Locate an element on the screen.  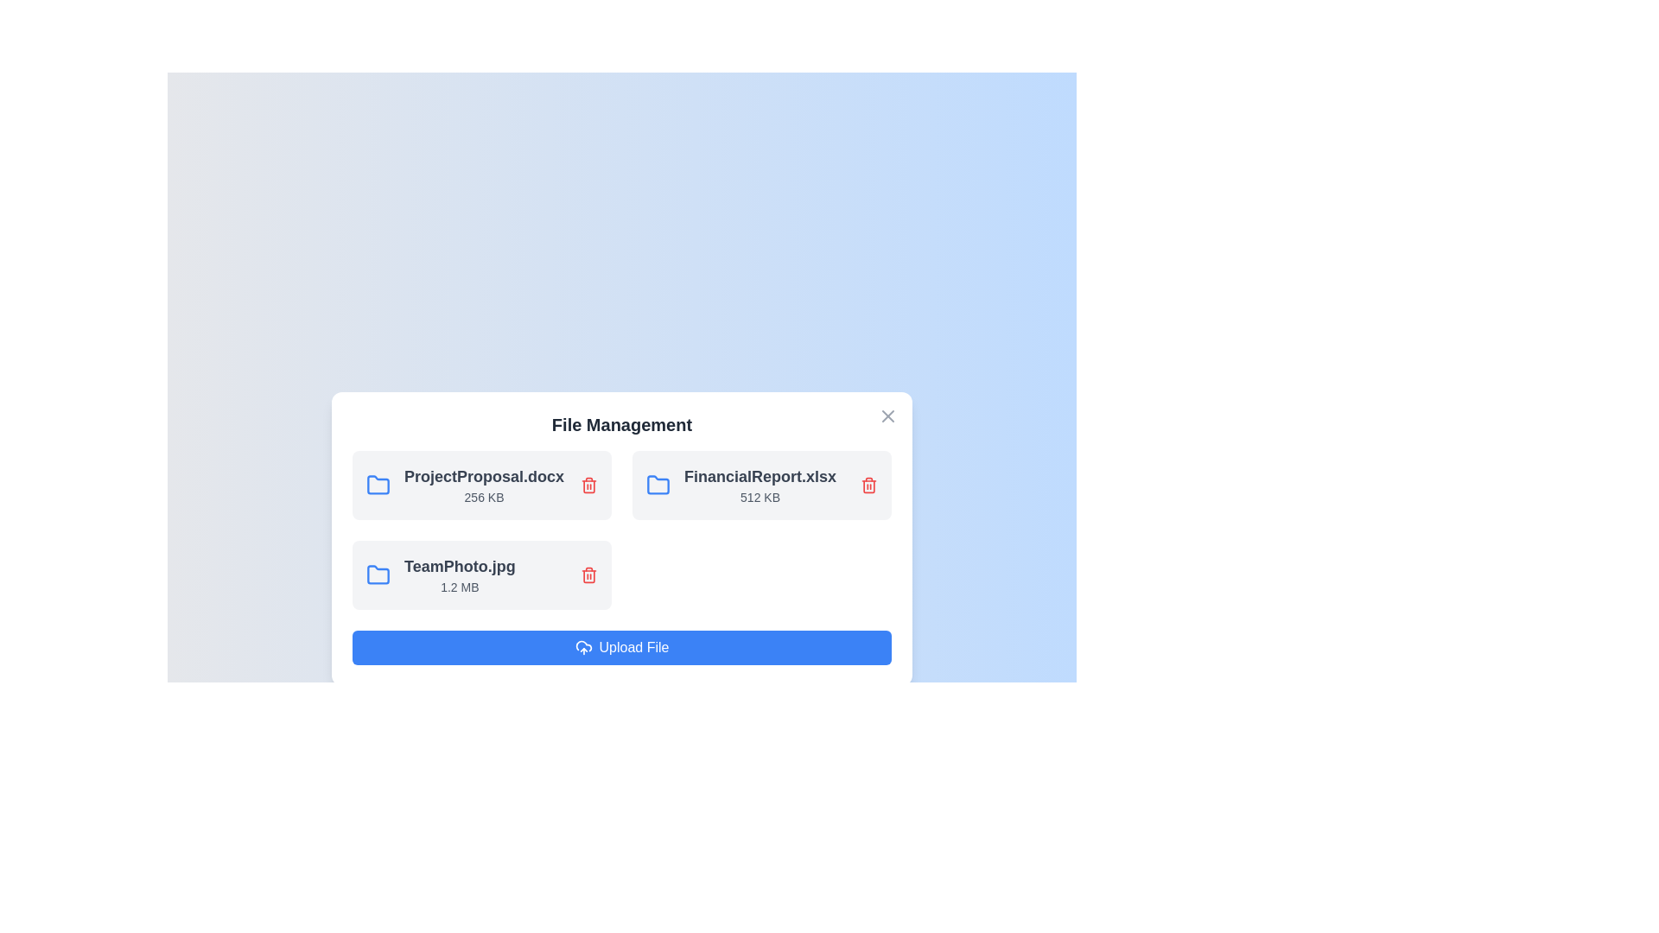
the 'Upload File' button to initiate the file upload process is located at coordinates (622, 647).